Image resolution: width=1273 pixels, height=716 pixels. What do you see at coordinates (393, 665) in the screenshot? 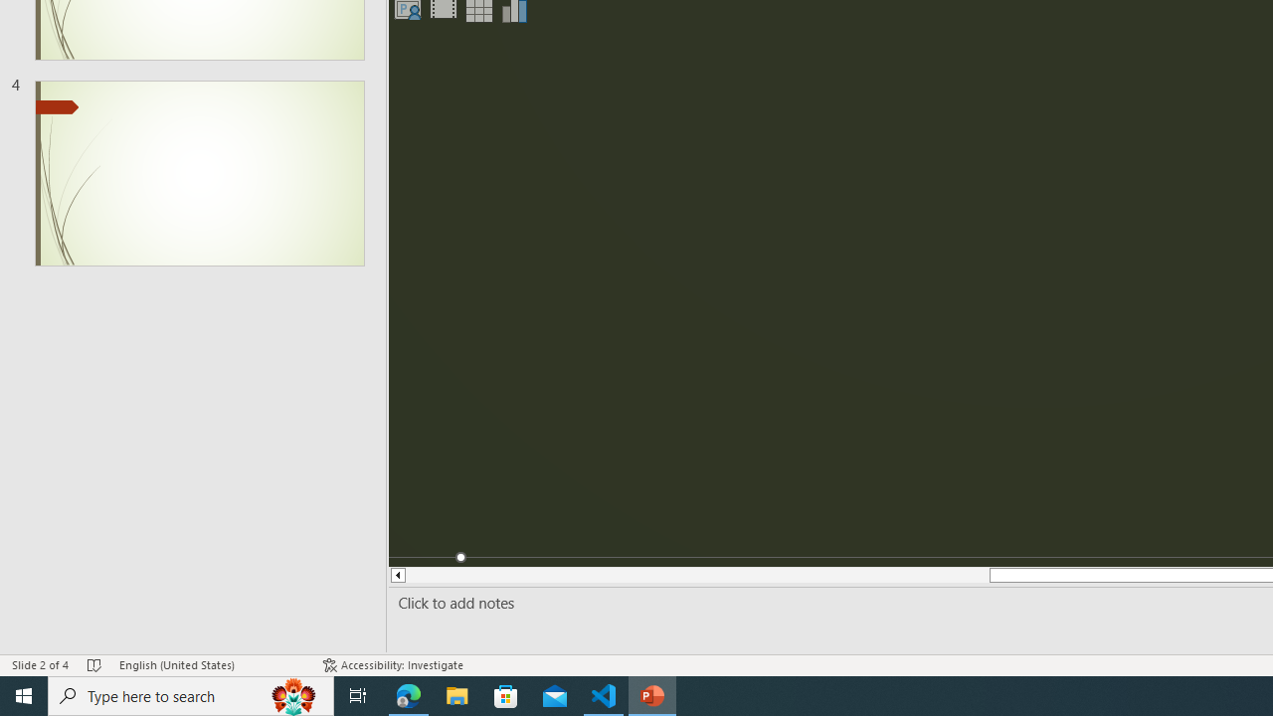
I see `'Accessibility Checker Accessibility: Investigate'` at bounding box center [393, 665].